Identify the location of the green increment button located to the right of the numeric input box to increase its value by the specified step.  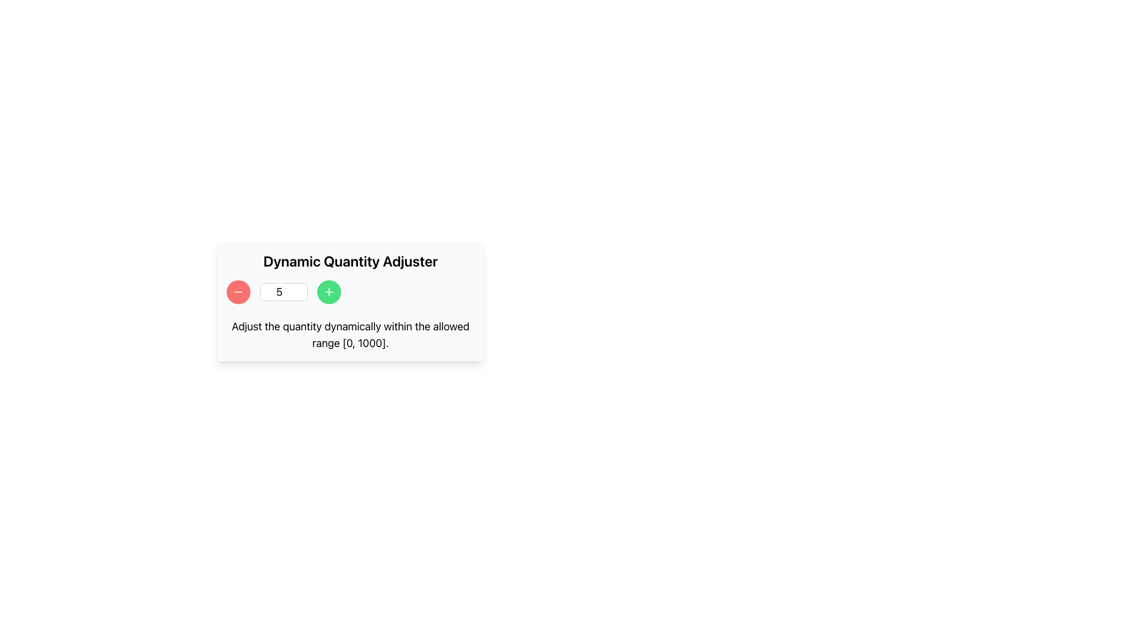
(329, 292).